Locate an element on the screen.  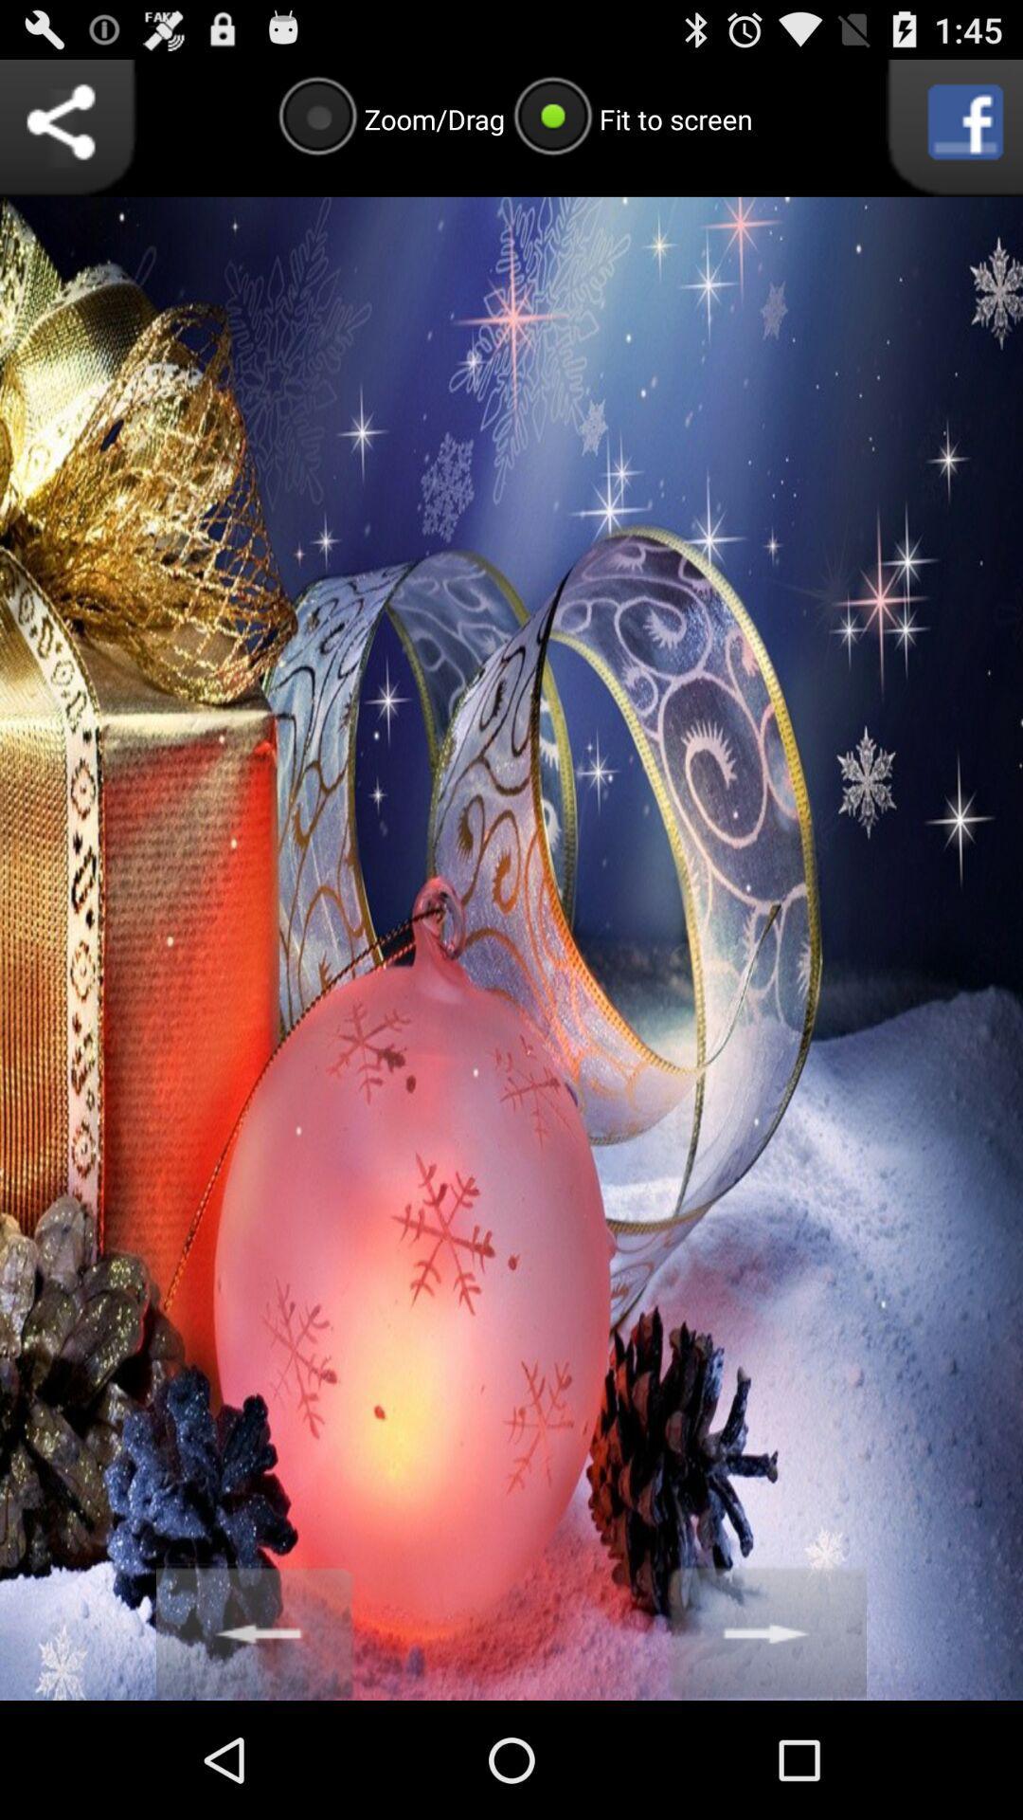
the facebook icon is located at coordinates (954, 136).